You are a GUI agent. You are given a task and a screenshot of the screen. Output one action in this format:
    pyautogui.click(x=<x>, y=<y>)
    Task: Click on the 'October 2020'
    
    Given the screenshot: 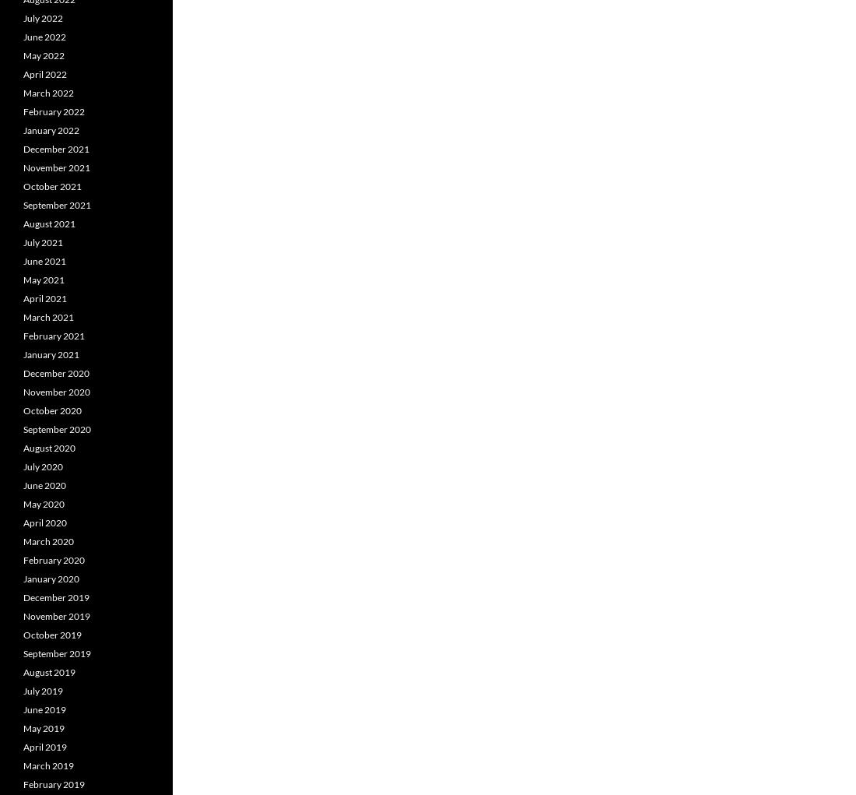 What is the action you would take?
    pyautogui.click(x=51, y=410)
    